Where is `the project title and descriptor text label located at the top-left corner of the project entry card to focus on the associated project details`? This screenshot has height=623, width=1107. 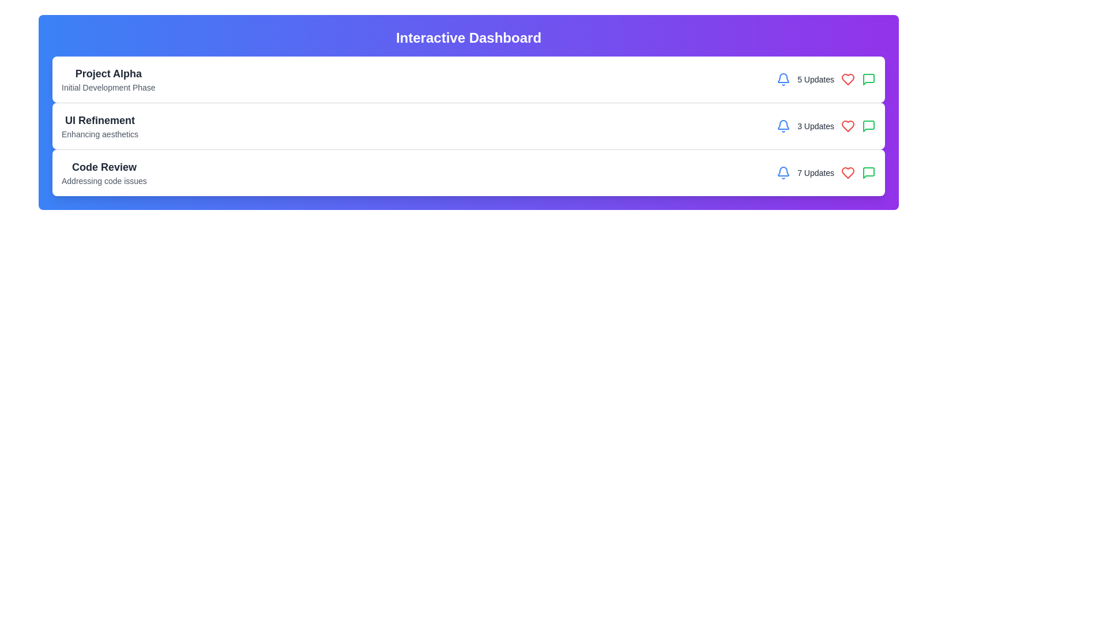
the project title and descriptor text label located at the top-left corner of the project entry card to focus on the associated project details is located at coordinates (108, 79).